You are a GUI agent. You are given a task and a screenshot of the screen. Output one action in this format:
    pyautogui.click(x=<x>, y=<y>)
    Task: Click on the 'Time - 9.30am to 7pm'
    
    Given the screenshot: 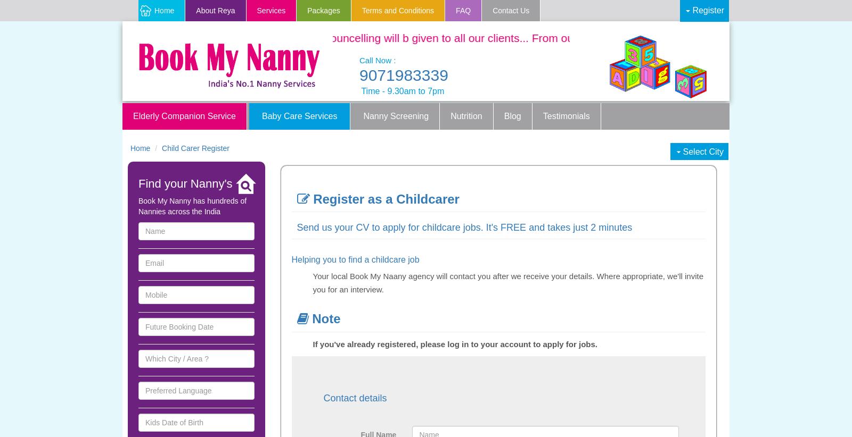 What is the action you would take?
    pyautogui.click(x=403, y=90)
    